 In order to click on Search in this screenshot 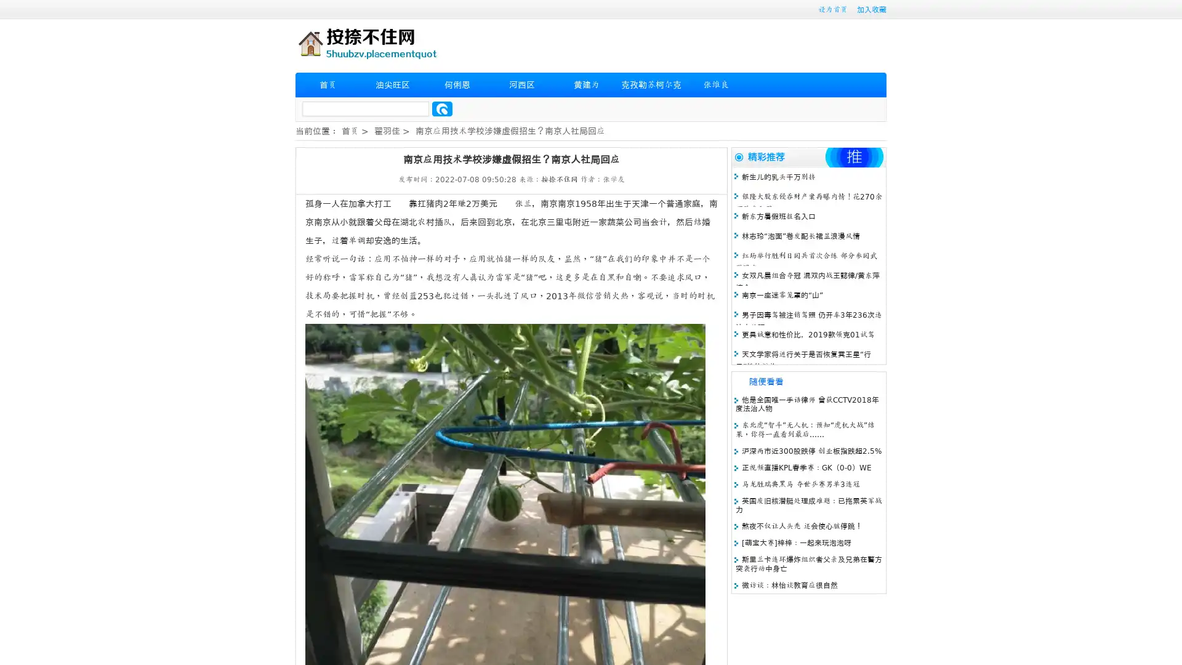, I will do `click(442, 108)`.